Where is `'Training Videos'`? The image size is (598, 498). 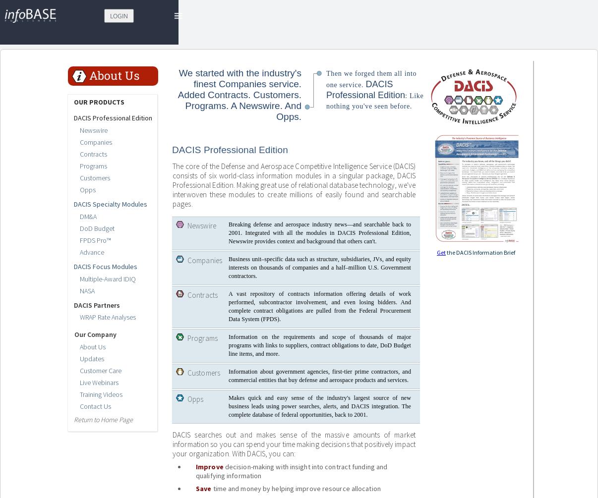 'Training Videos' is located at coordinates (101, 394).